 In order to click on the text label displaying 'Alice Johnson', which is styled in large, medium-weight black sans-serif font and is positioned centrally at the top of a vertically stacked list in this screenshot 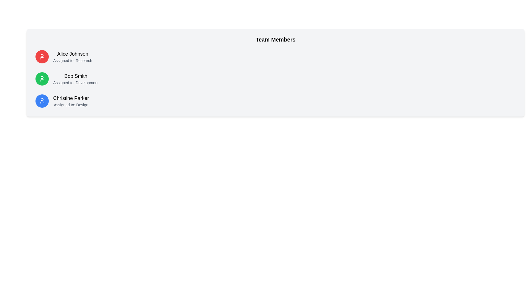, I will do `click(72, 54)`.